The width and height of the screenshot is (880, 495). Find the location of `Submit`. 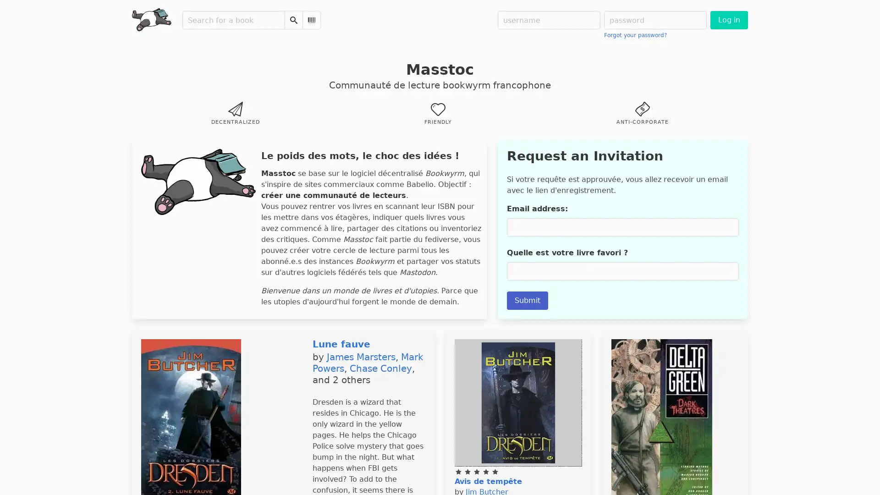

Submit is located at coordinates (527, 300).